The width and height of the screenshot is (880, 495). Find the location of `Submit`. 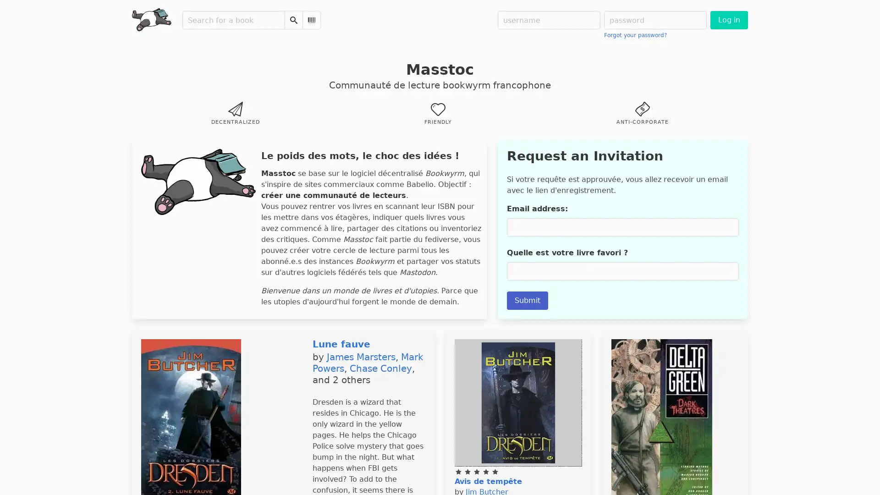

Submit is located at coordinates (527, 300).